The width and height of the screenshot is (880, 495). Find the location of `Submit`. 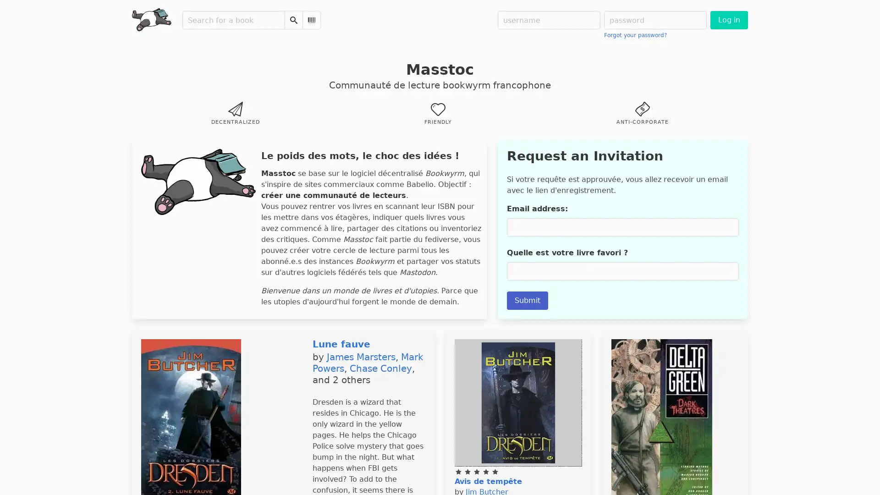

Submit is located at coordinates (527, 300).